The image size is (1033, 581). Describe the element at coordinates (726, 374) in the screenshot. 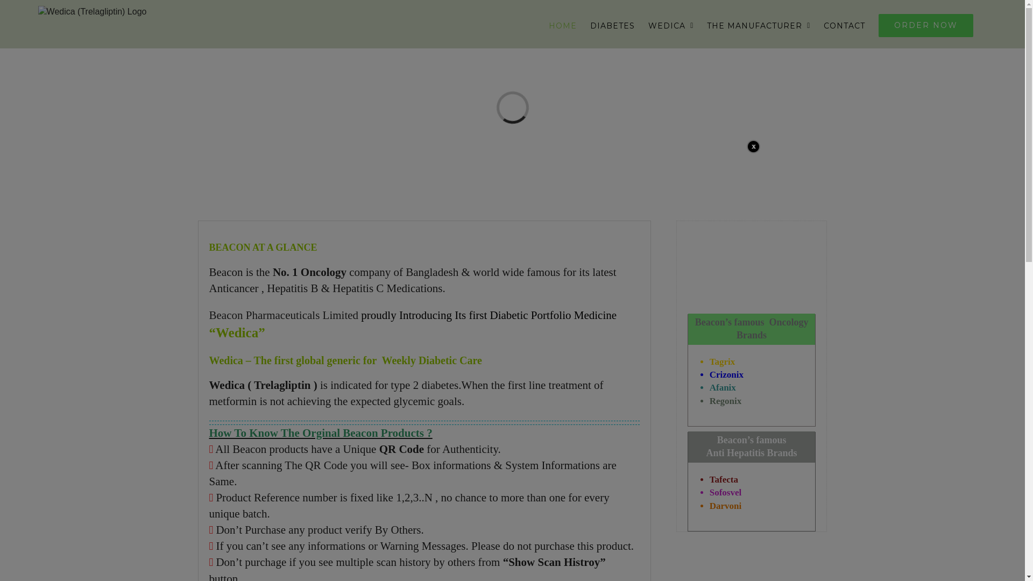

I see `'Crizonix'` at that location.